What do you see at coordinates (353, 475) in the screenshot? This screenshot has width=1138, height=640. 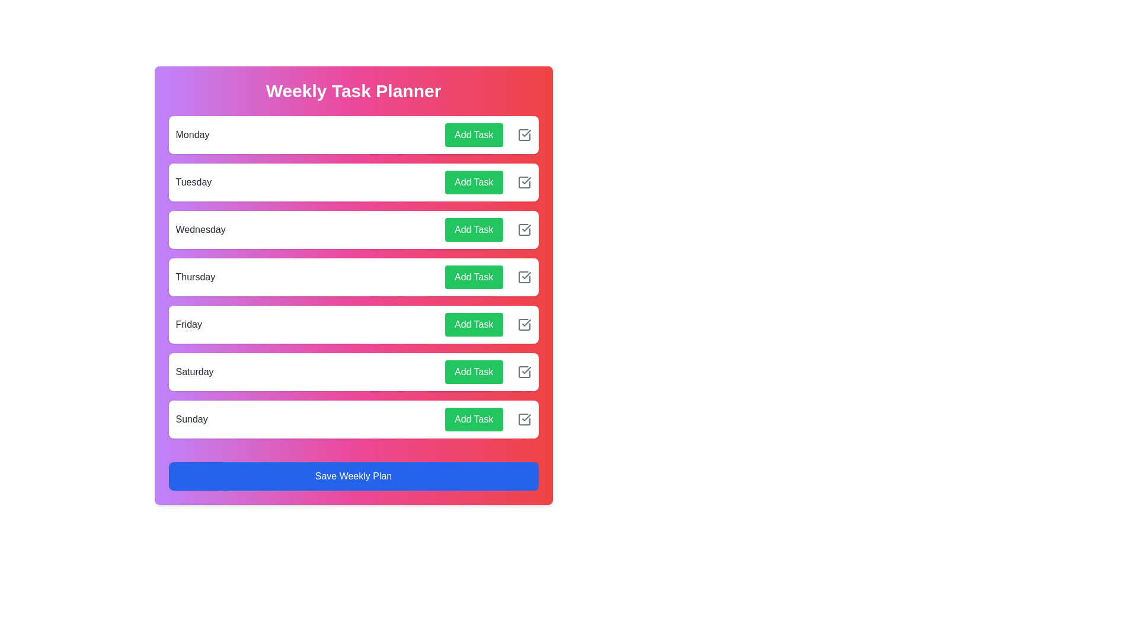 I see `the 'Save Weekly Plan' button to save the weekly plan` at bounding box center [353, 475].